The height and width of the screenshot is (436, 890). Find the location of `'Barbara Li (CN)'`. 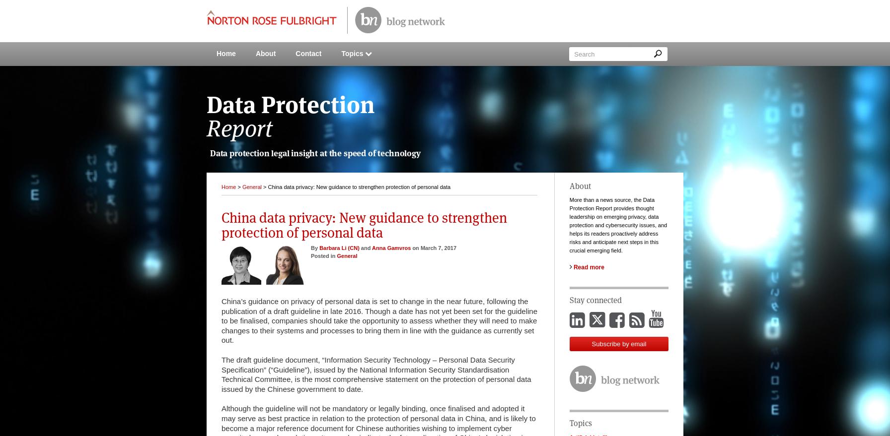

'Barbara Li (CN)' is located at coordinates (339, 247).